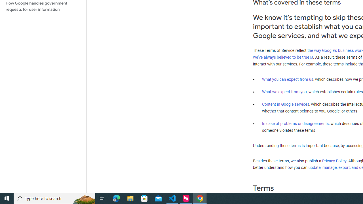 This screenshot has height=204, width=363. What do you see at coordinates (291, 35) in the screenshot?
I see `'services'` at bounding box center [291, 35].